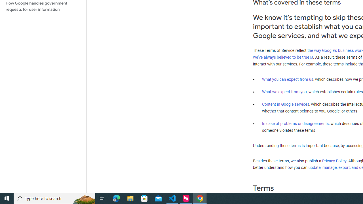 This screenshot has height=204, width=363. What do you see at coordinates (291, 35) in the screenshot?
I see `'services'` at bounding box center [291, 35].